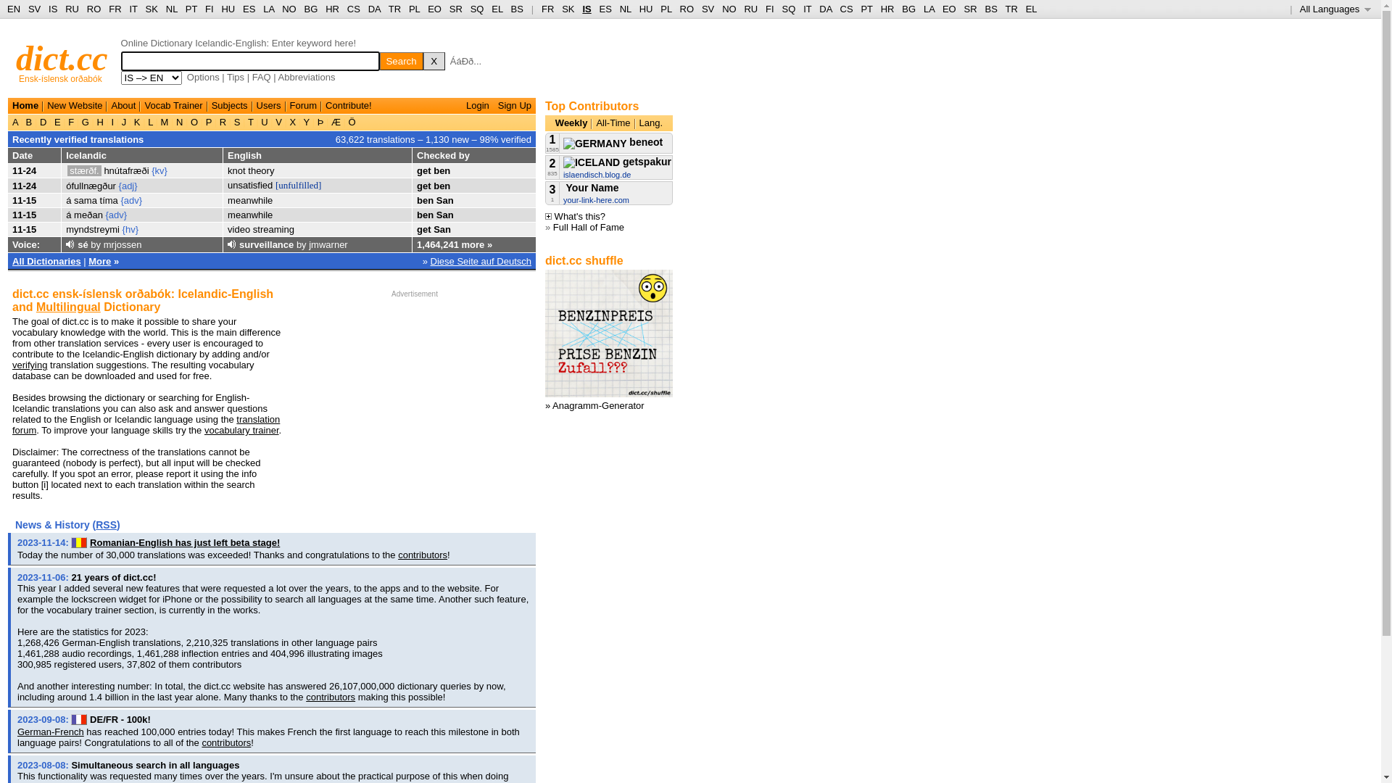 The width and height of the screenshot is (1392, 783). Describe the element at coordinates (202, 77) in the screenshot. I see `'Options'` at that location.